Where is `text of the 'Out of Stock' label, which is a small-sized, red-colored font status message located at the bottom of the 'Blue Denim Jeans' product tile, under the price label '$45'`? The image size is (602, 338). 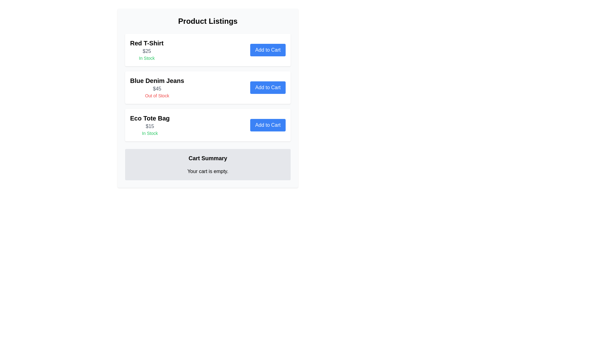 text of the 'Out of Stock' label, which is a small-sized, red-colored font status message located at the bottom of the 'Blue Denim Jeans' product tile, under the price label '$45' is located at coordinates (157, 95).